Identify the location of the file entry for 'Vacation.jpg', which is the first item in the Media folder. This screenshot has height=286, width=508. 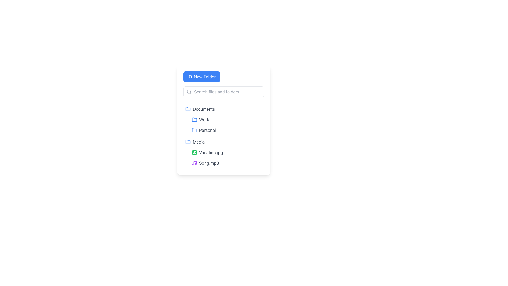
(227, 152).